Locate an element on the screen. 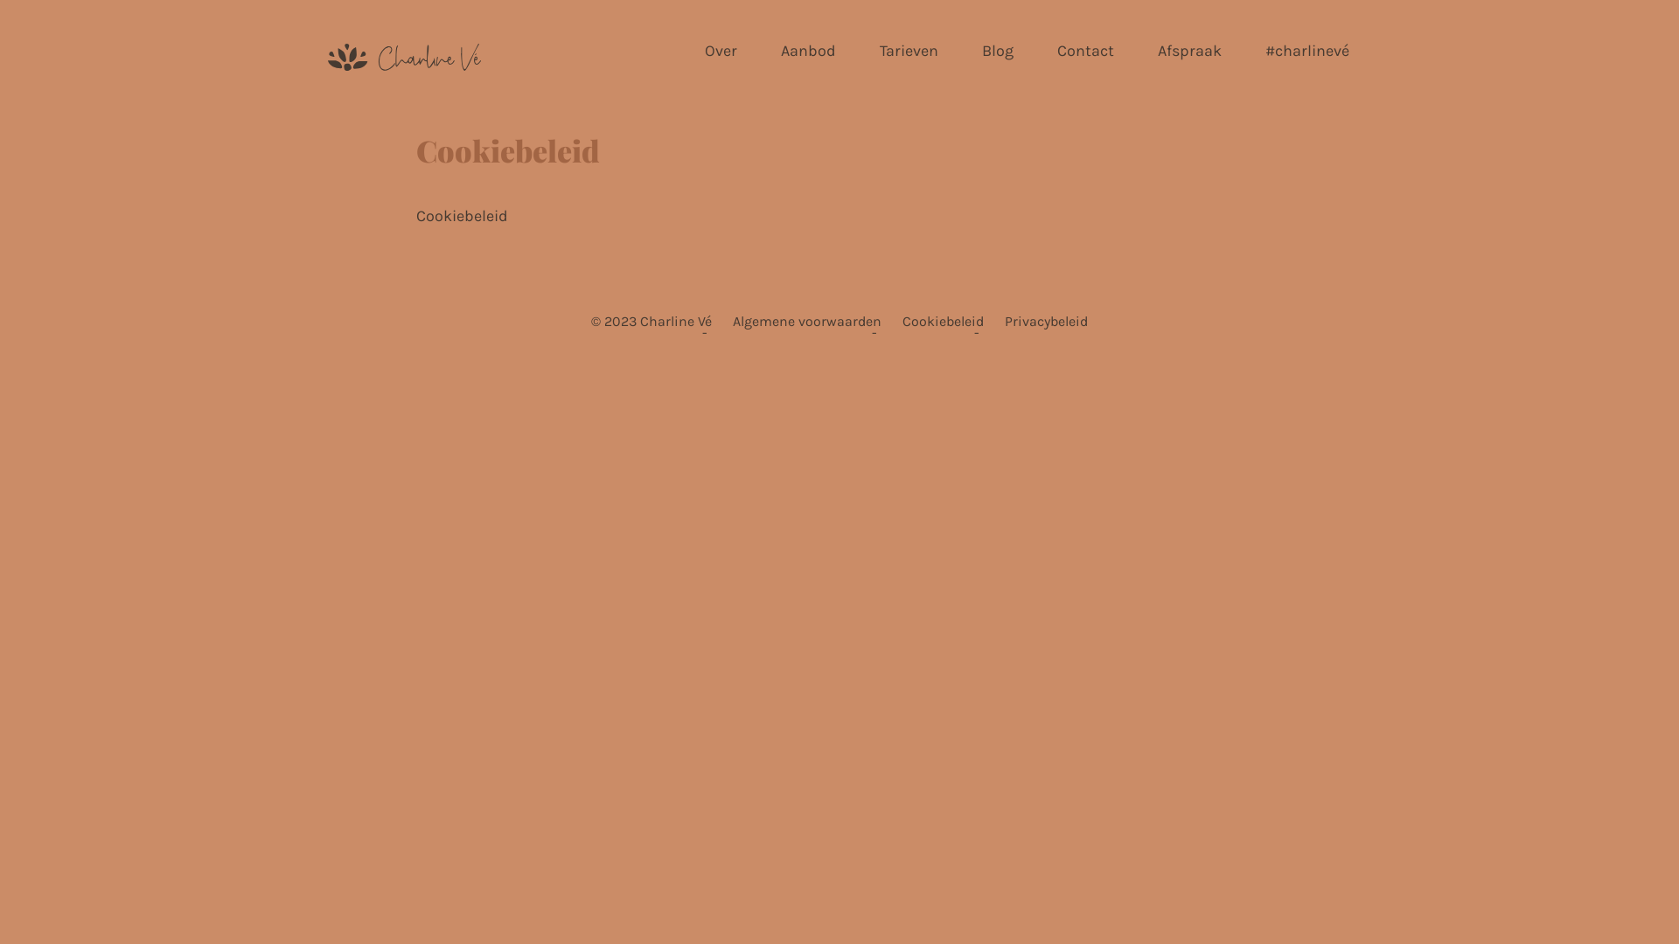  'Tarieven' is located at coordinates (909, 49).